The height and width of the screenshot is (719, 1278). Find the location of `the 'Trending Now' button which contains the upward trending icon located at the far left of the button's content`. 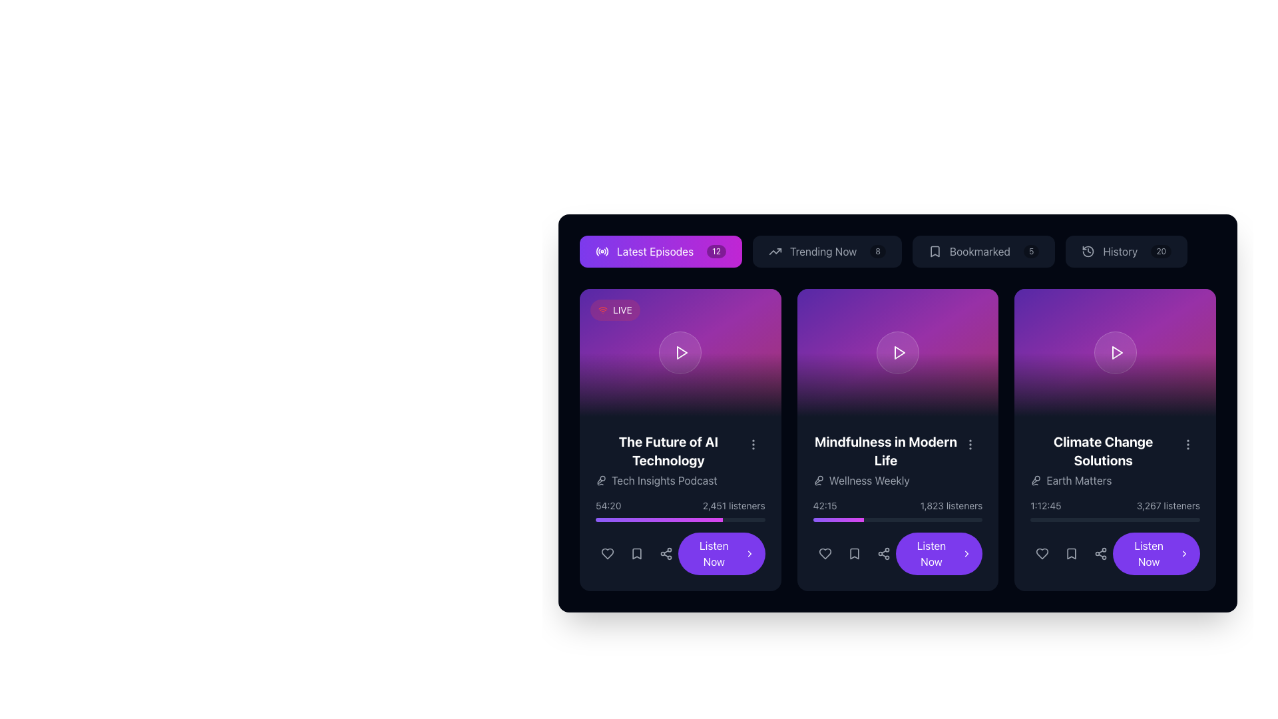

the 'Trending Now' button which contains the upward trending icon located at the far left of the button's content is located at coordinates (775, 252).